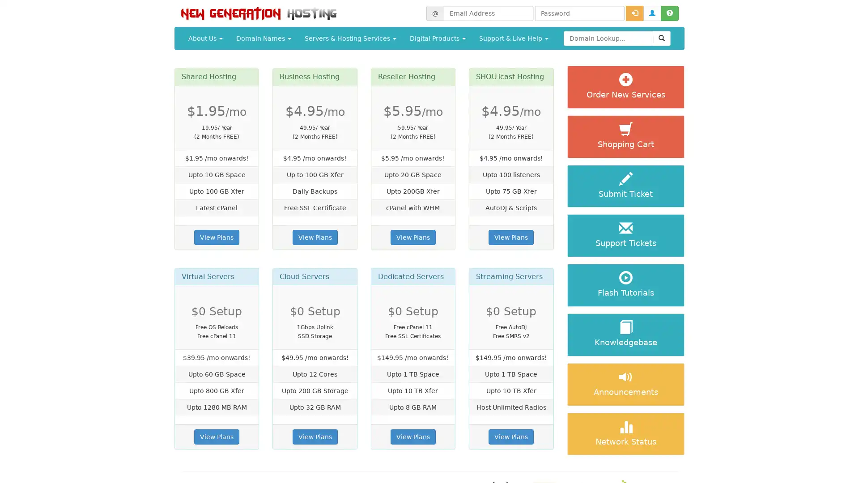 The height and width of the screenshot is (483, 859). I want to click on View Plans, so click(511, 236).